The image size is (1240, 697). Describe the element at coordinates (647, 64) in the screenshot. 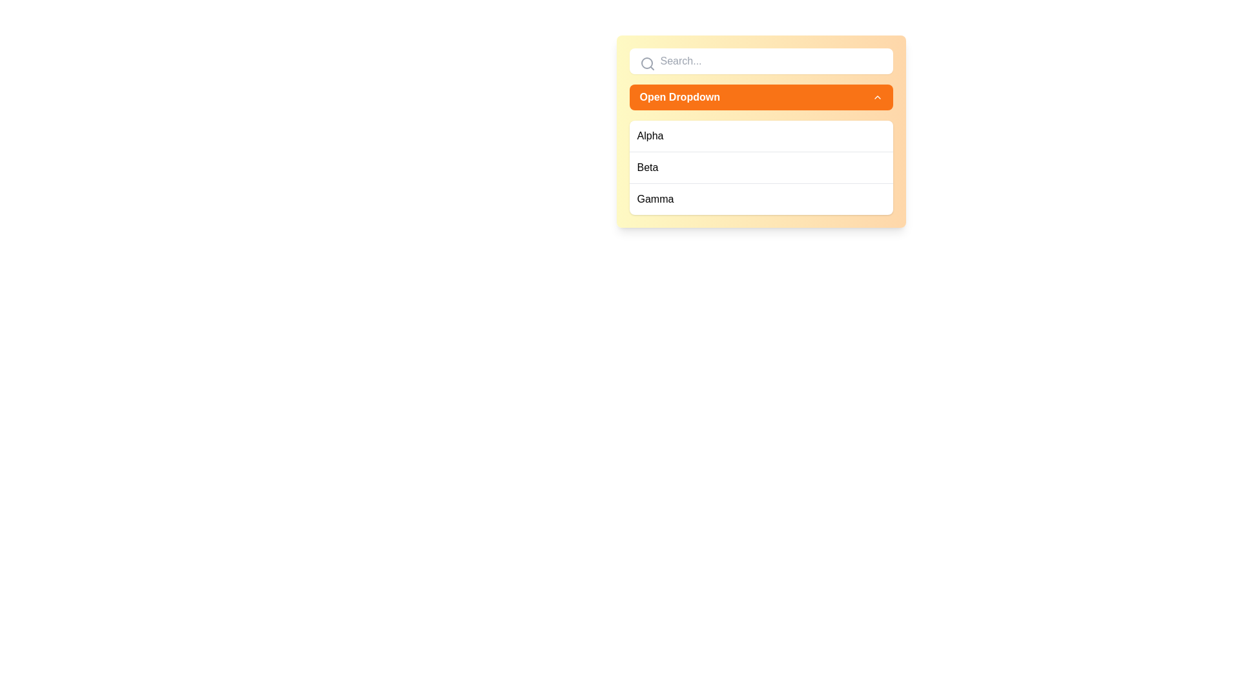

I see `the search icon resembling a magnifying glass, which is outlined in gray and located at the leftmost side of the search bar` at that location.